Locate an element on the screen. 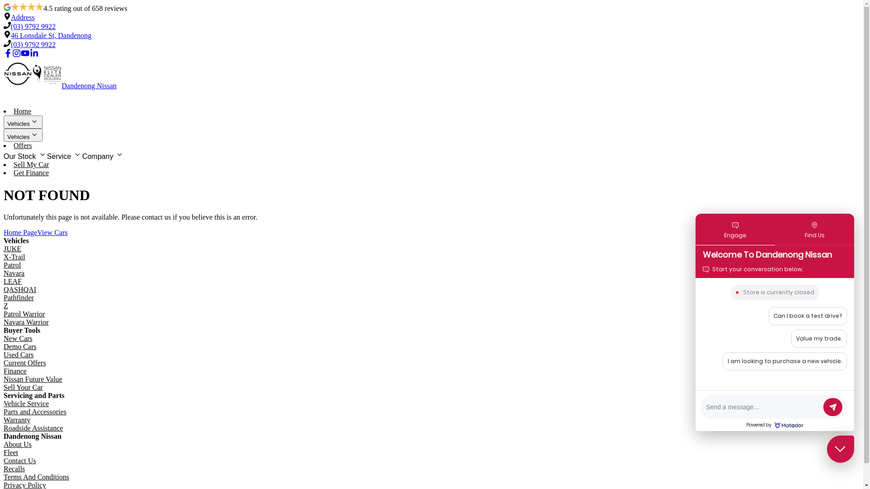  'Warranty' is located at coordinates (17, 420).